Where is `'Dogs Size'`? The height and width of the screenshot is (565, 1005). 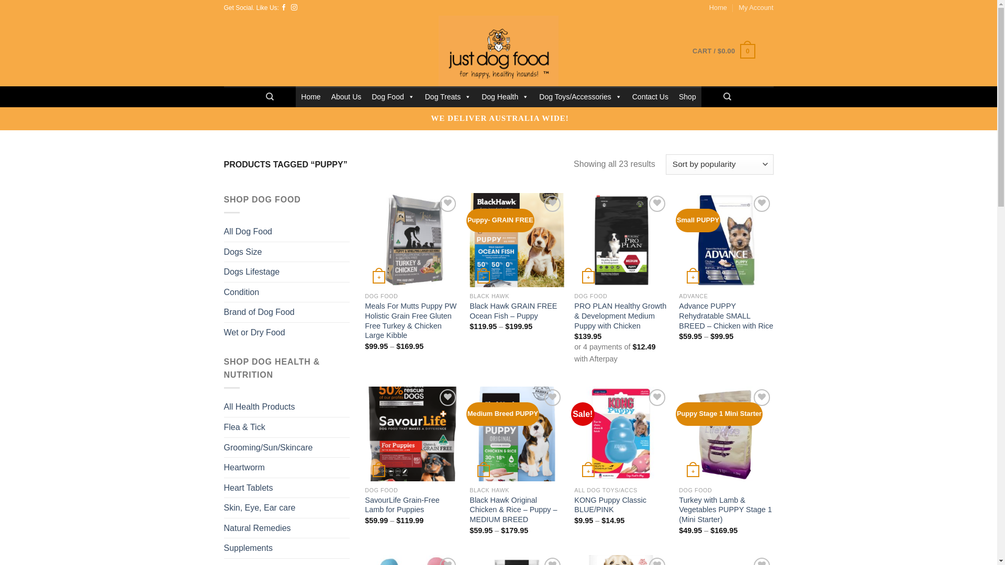
'Dogs Size' is located at coordinates (242, 252).